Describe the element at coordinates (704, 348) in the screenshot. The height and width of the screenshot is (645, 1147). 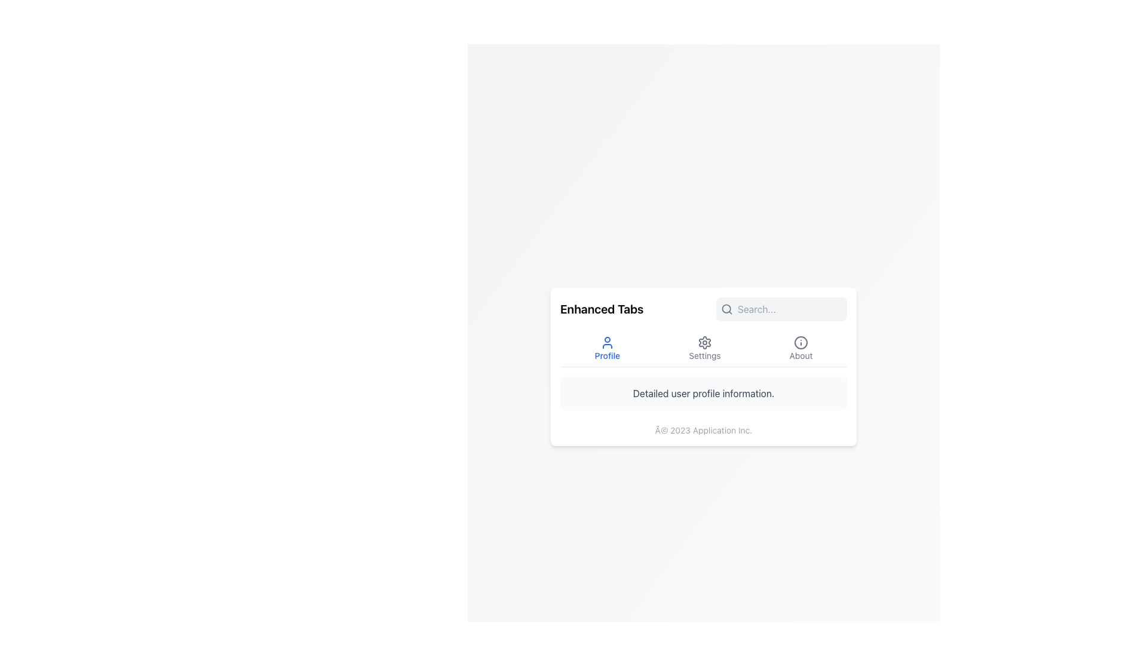
I see `the settings button located under the 'Enhanced Tabs' section` at that location.